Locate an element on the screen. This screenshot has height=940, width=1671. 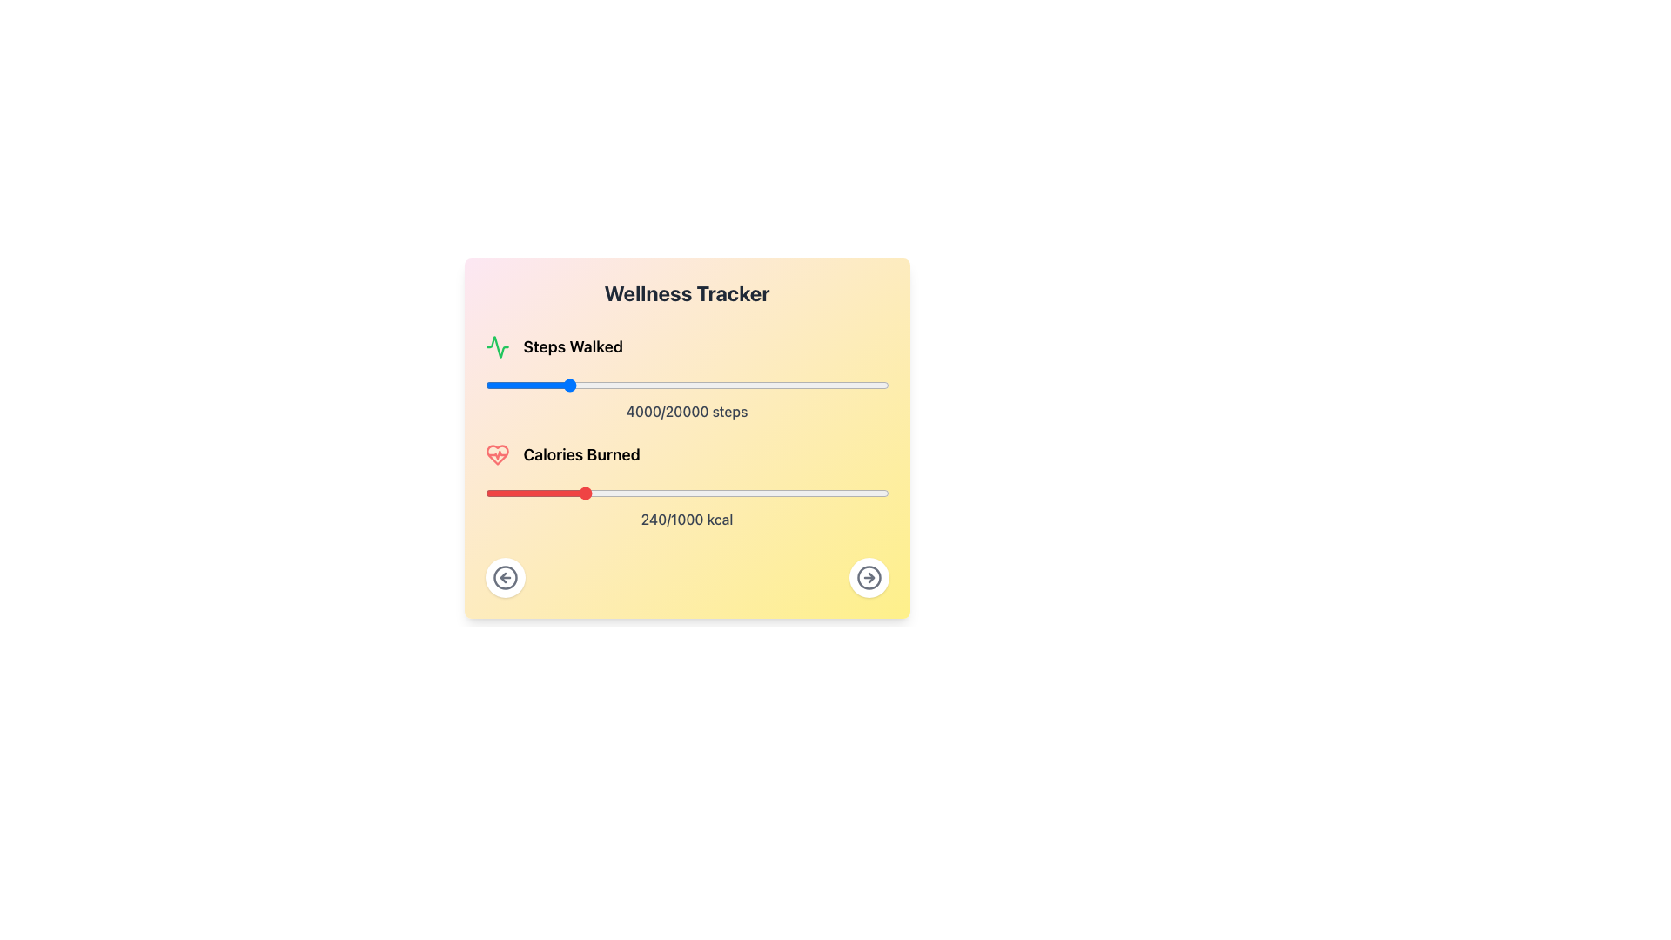
the 'Steps Walked' slider is located at coordinates (589, 385).